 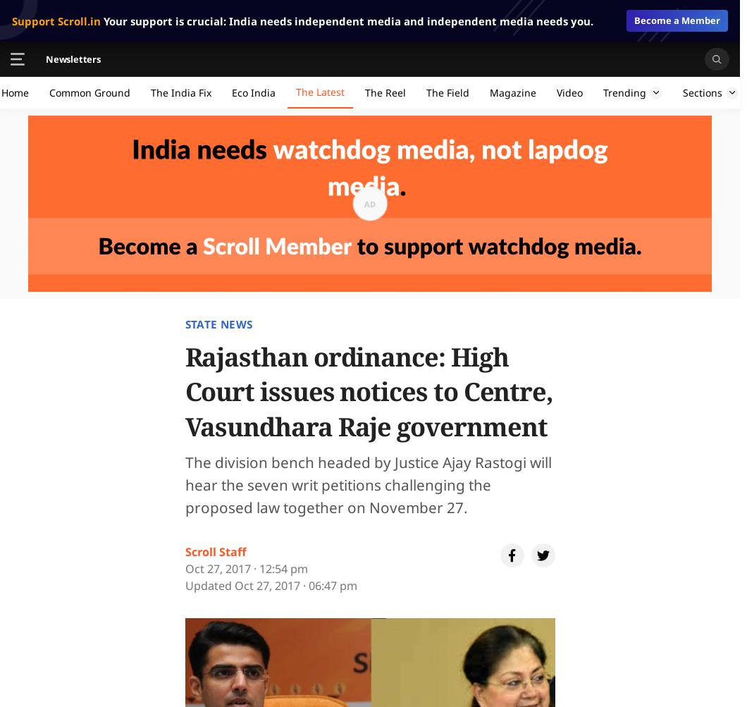 I want to click on 'Ad', so click(x=369, y=203).